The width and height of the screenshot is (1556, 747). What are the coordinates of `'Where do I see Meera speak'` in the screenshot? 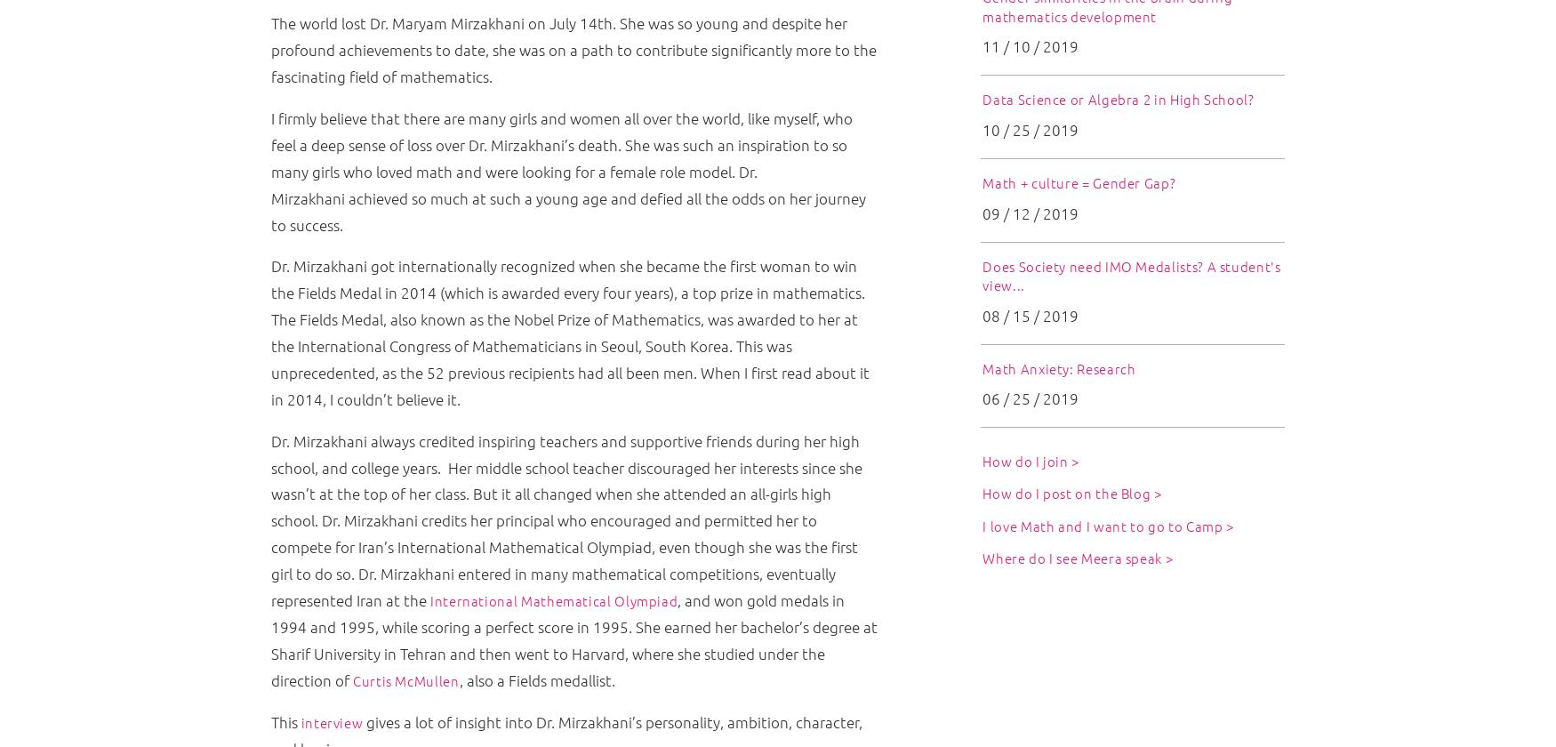 It's located at (1071, 558).